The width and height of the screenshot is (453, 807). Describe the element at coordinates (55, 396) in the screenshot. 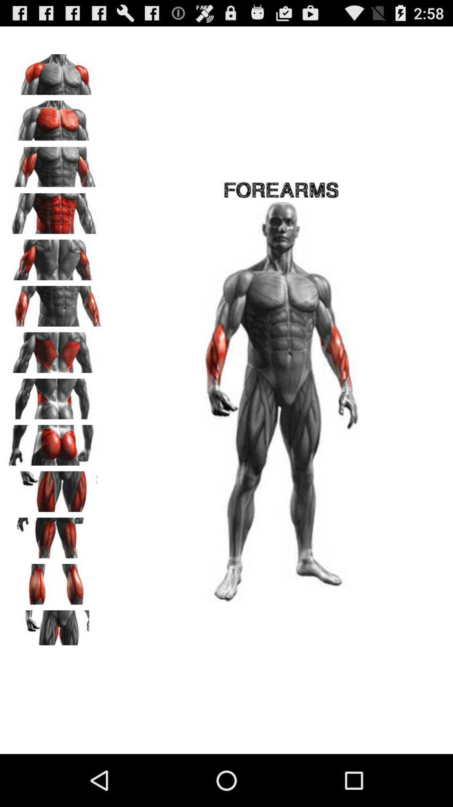

I see `lift objects` at that location.